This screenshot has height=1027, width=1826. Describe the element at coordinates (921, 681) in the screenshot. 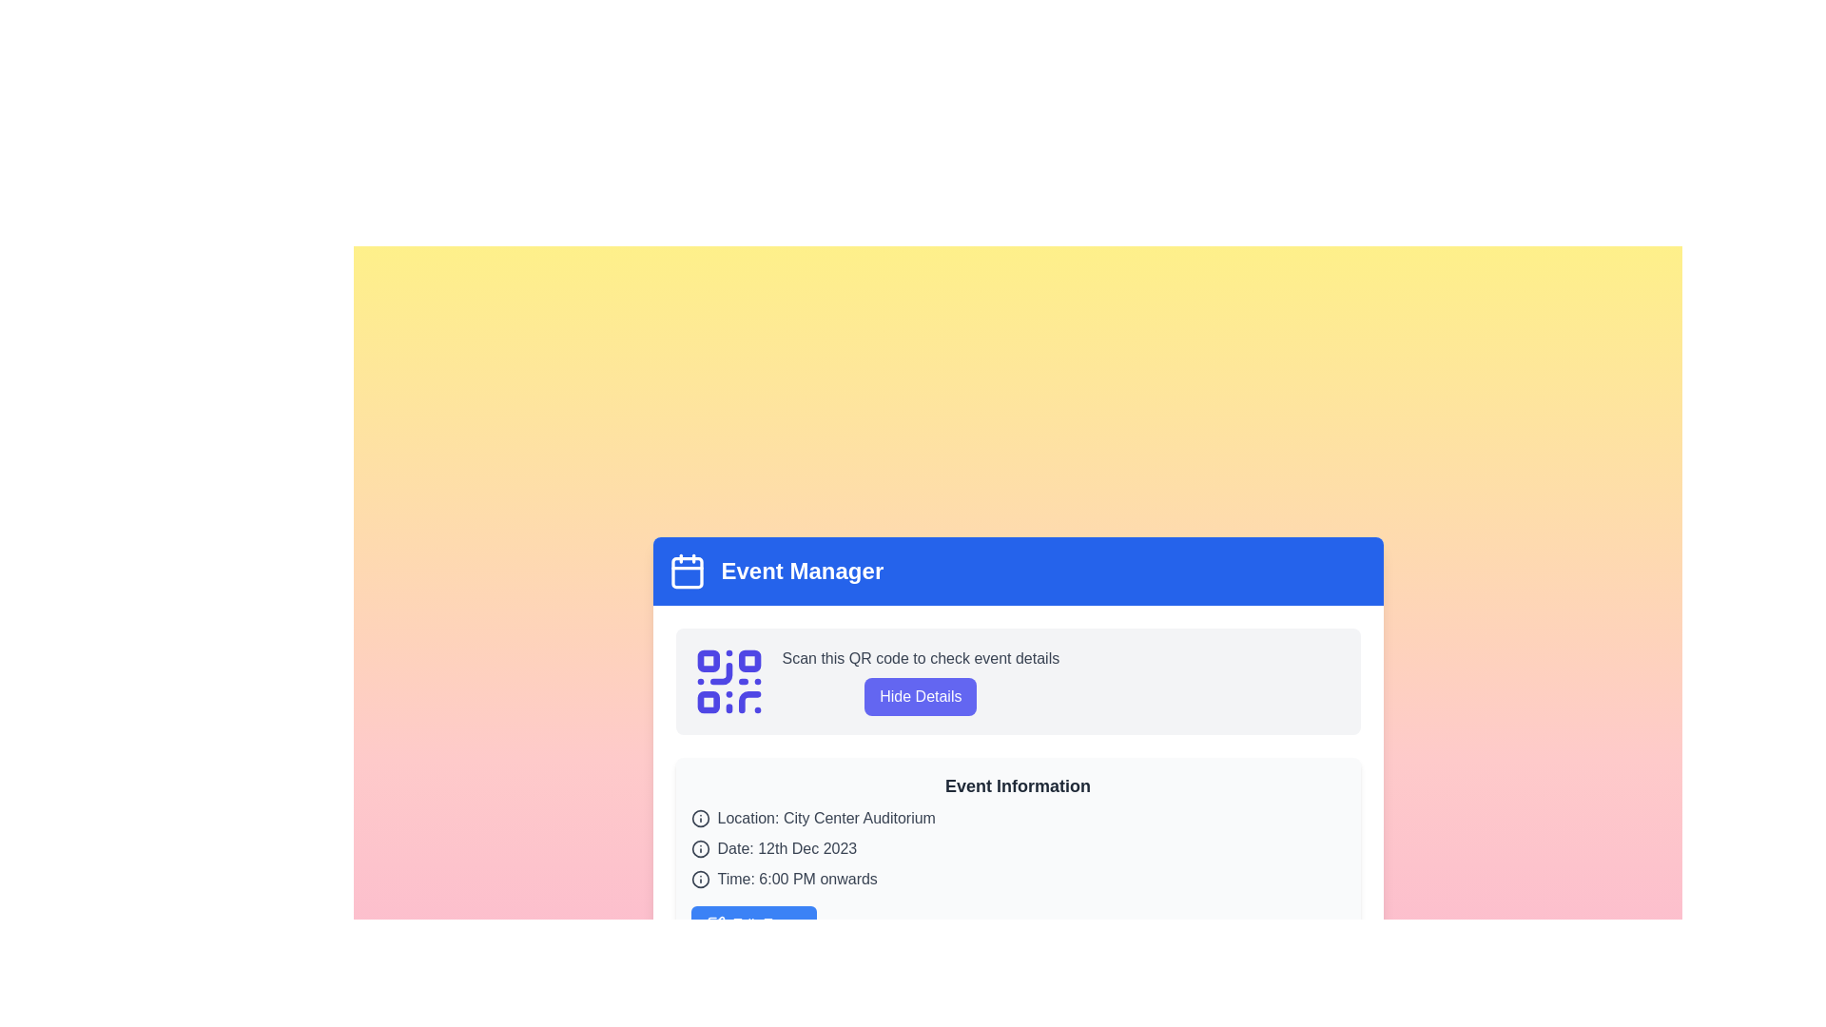

I see `descriptive text 'Scan this QR code to check event details' displayed above the 'Hide Details' button in the event information interface` at that location.